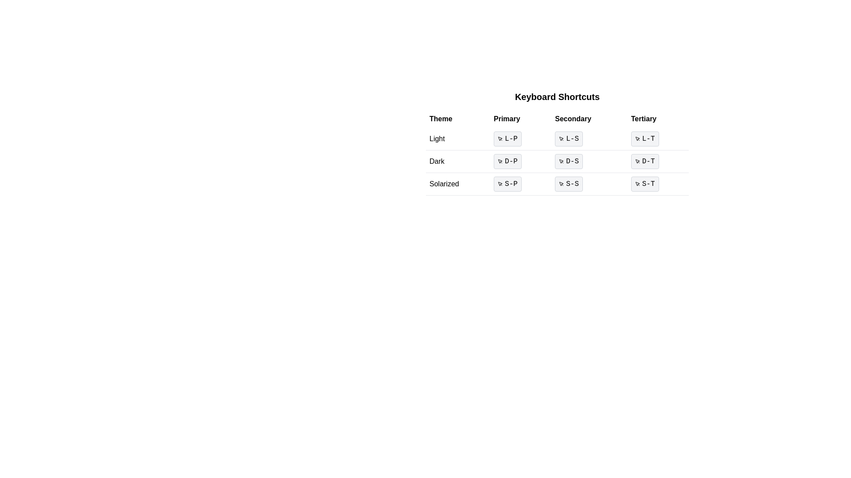 Image resolution: width=851 pixels, height=478 pixels. Describe the element at coordinates (569, 139) in the screenshot. I see `the 'L-S' button with a light gray background and a pointer arrow icon, located in the second column of the first row under 'Keyboard Shortcuts', representing the 'Secondary' shortcut for the 'Light' theme` at that location.